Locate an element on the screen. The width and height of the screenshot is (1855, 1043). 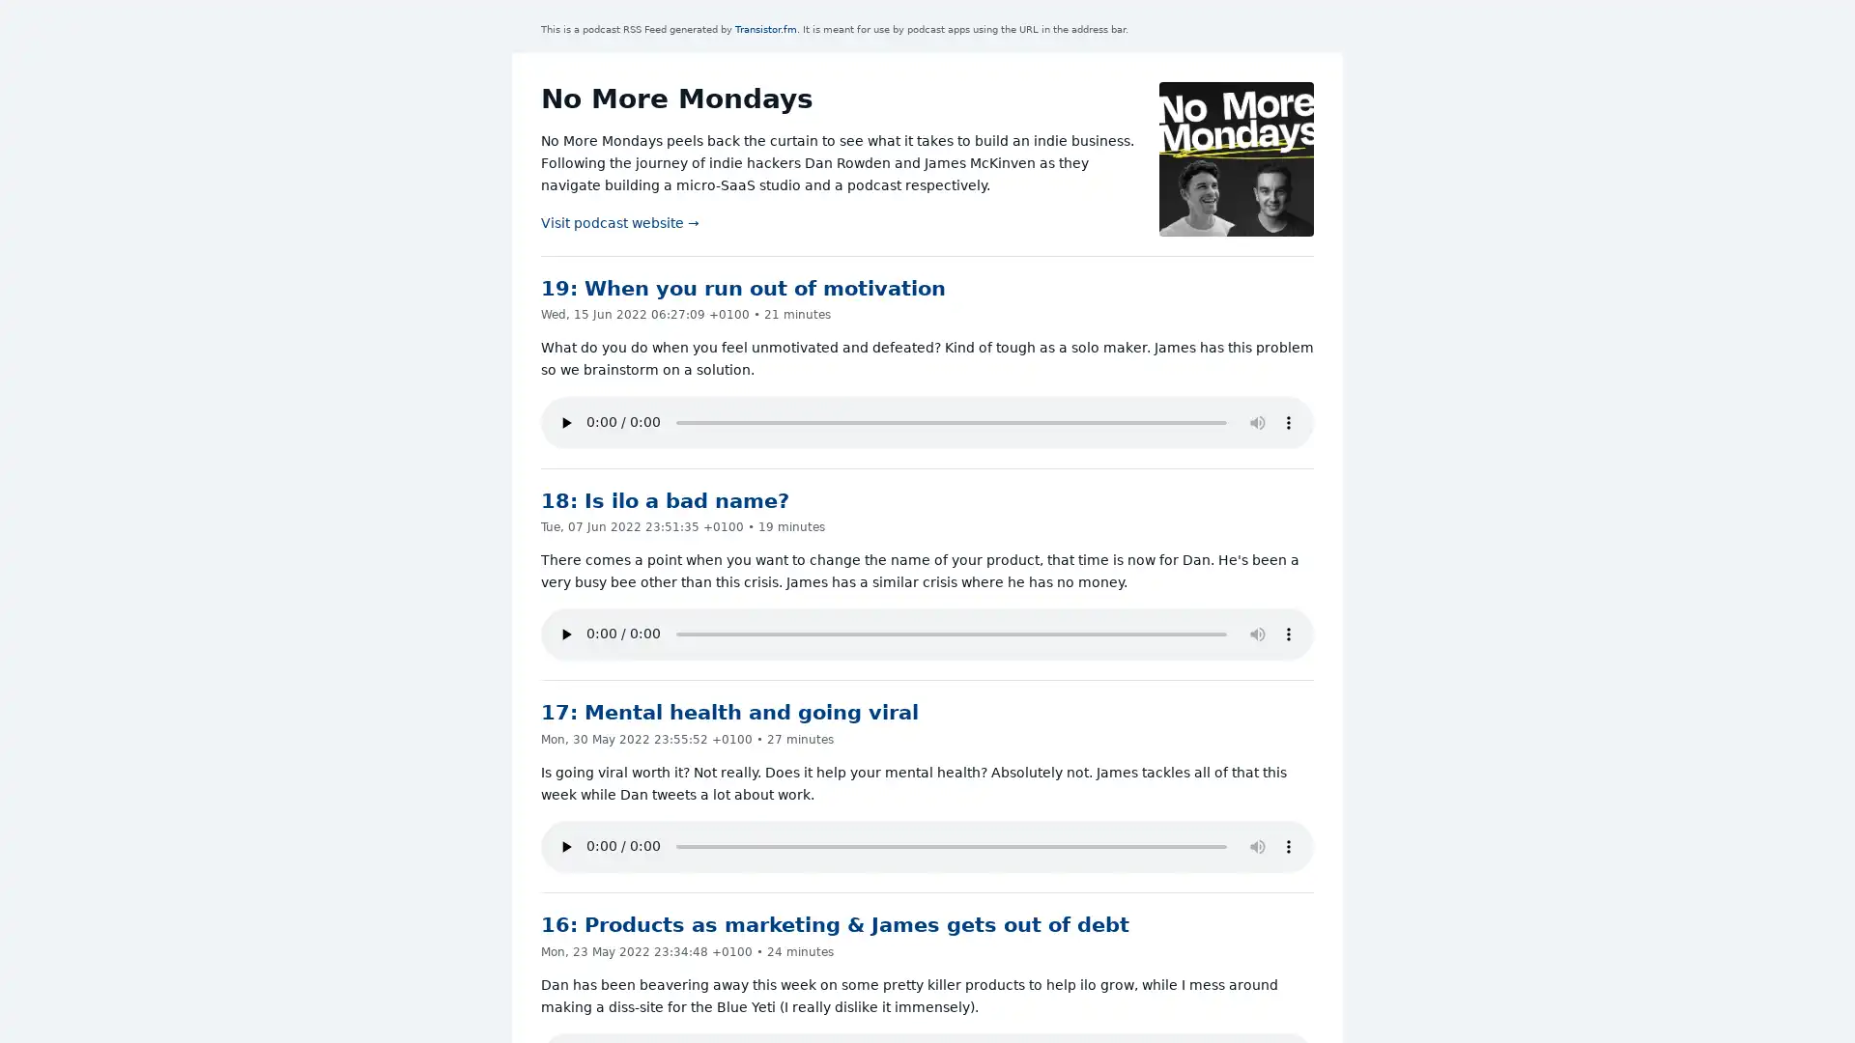
play is located at coordinates (564, 845).